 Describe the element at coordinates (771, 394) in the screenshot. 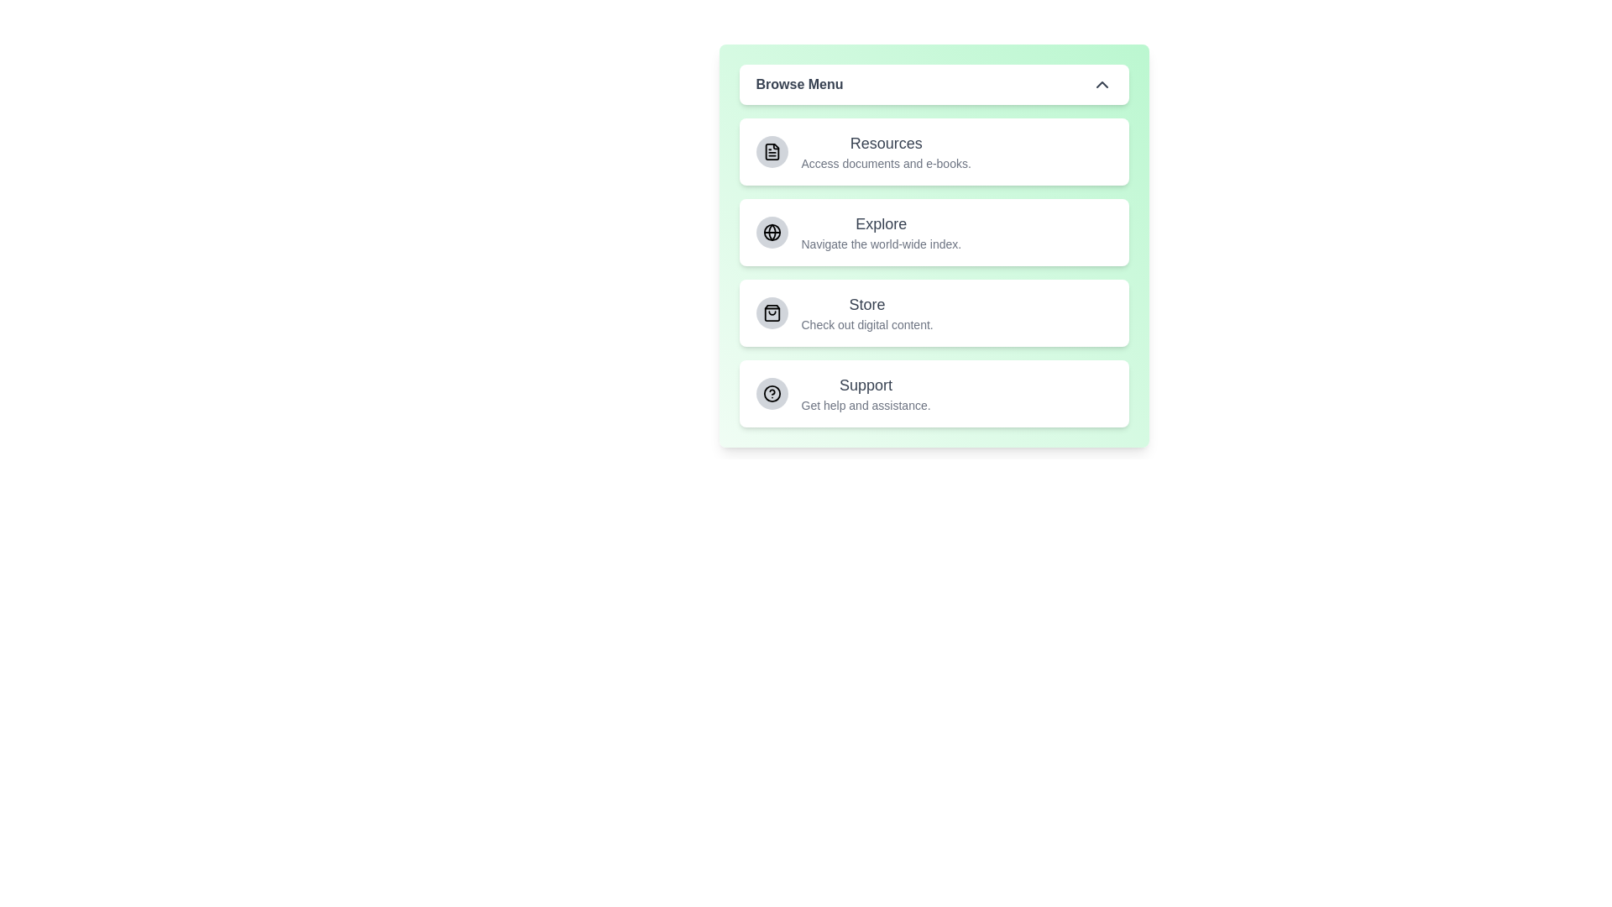

I see `the icon of the menu item Support to analyze it` at that location.